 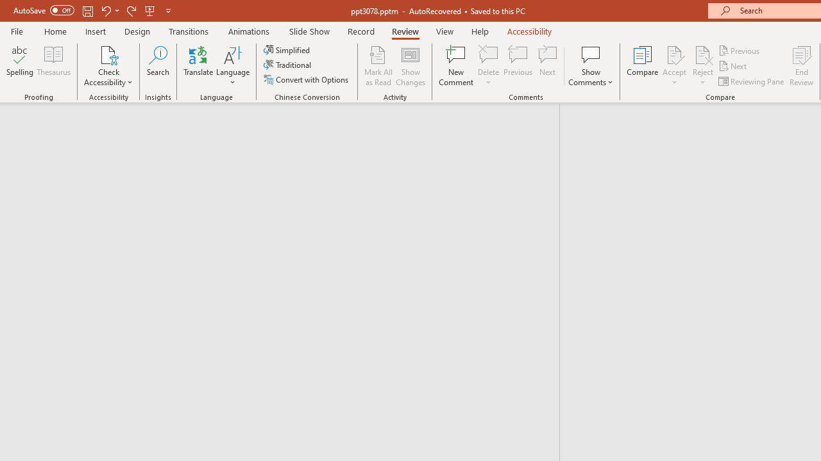 I want to click on 'Simplified', so click(x=287, y=49).